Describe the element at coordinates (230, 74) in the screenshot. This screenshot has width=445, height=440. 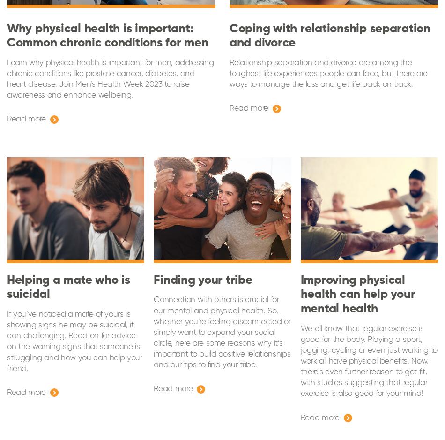
I see `'Relationship separation and divorce are among the toughest life experiences people can face, but there are ways to manage the loss and get life back on track.'` at that location.